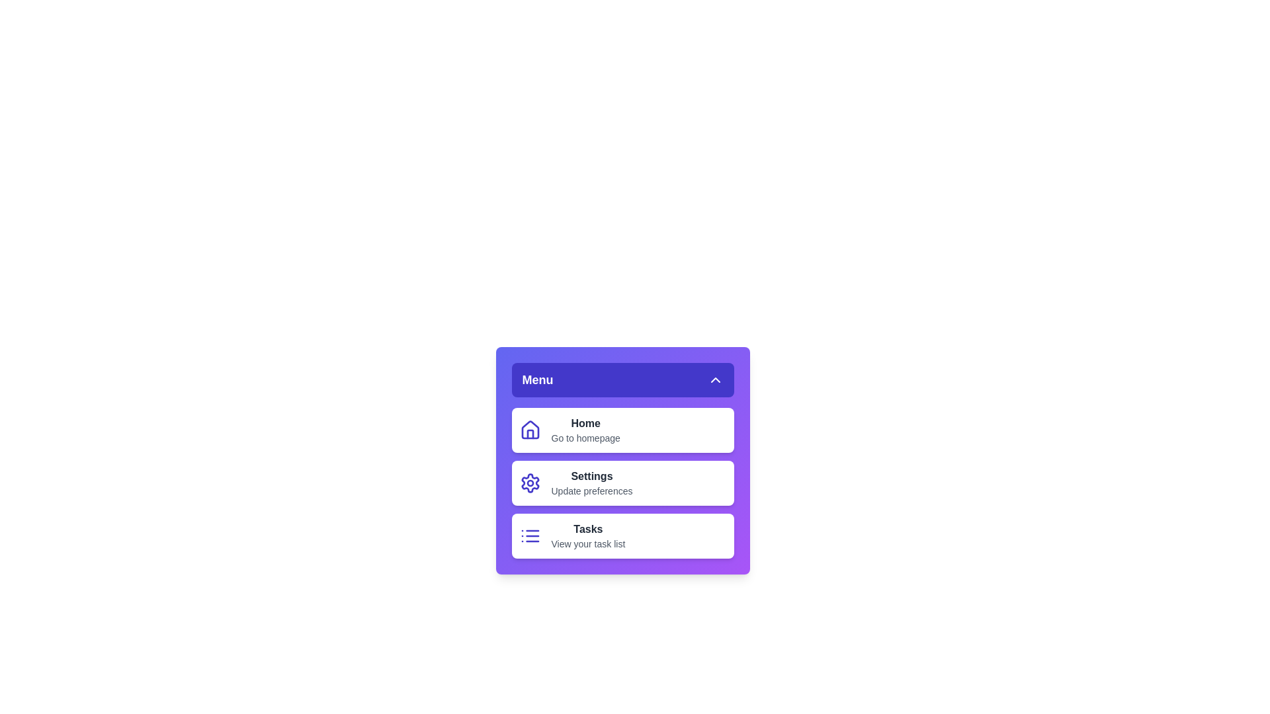 This screenshot has width=1270, height=714. Describe the element at coordinates (585, 423) in the screenshot. I see `the 'Home' menu item in the menu` at that location.